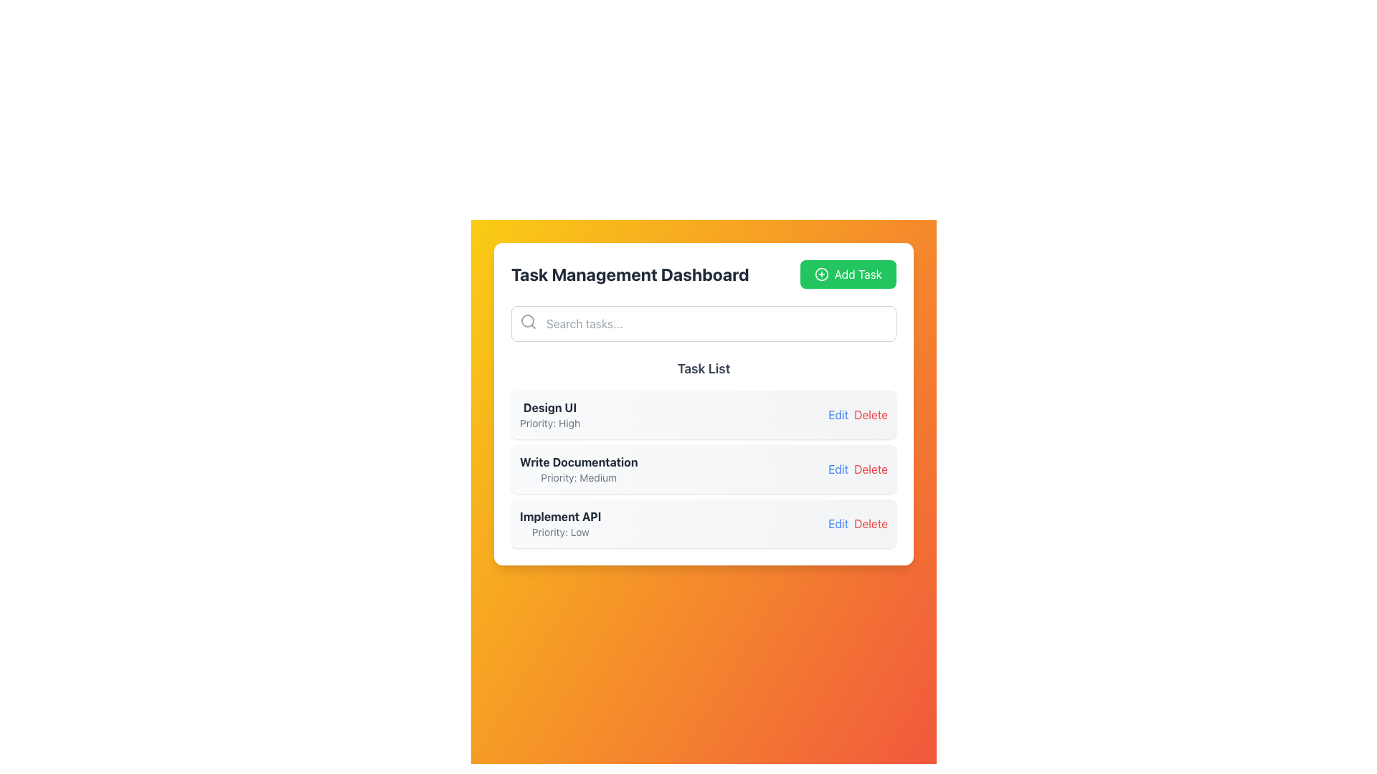 The height and width of the screenshot is (774, 1377). Describe the element at coordinates (559, 532) in the screenshot. I see `the text label indicating the priority level of a specific task, which specifies that the priority is low, located at the bottom of the 'Implement API' section` at that location.